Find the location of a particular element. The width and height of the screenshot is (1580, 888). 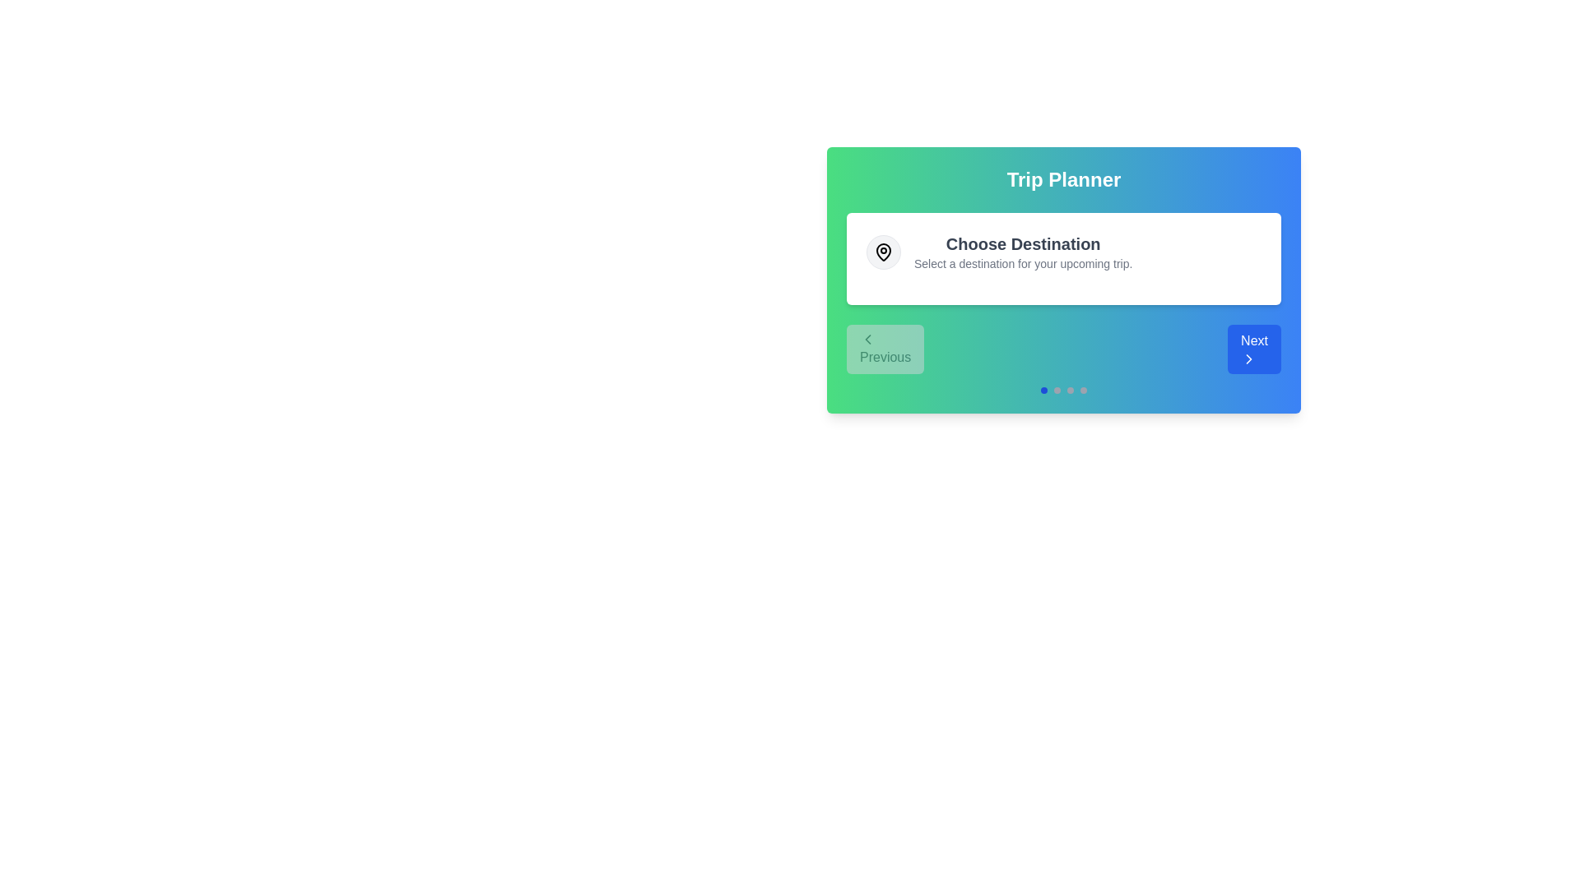

the icon located at the top-left corner of the rectangular card layout containing the texts 'Choose Destination' and 'Select a destination for your upcoming trip.' is located at coordinates (883, 252).